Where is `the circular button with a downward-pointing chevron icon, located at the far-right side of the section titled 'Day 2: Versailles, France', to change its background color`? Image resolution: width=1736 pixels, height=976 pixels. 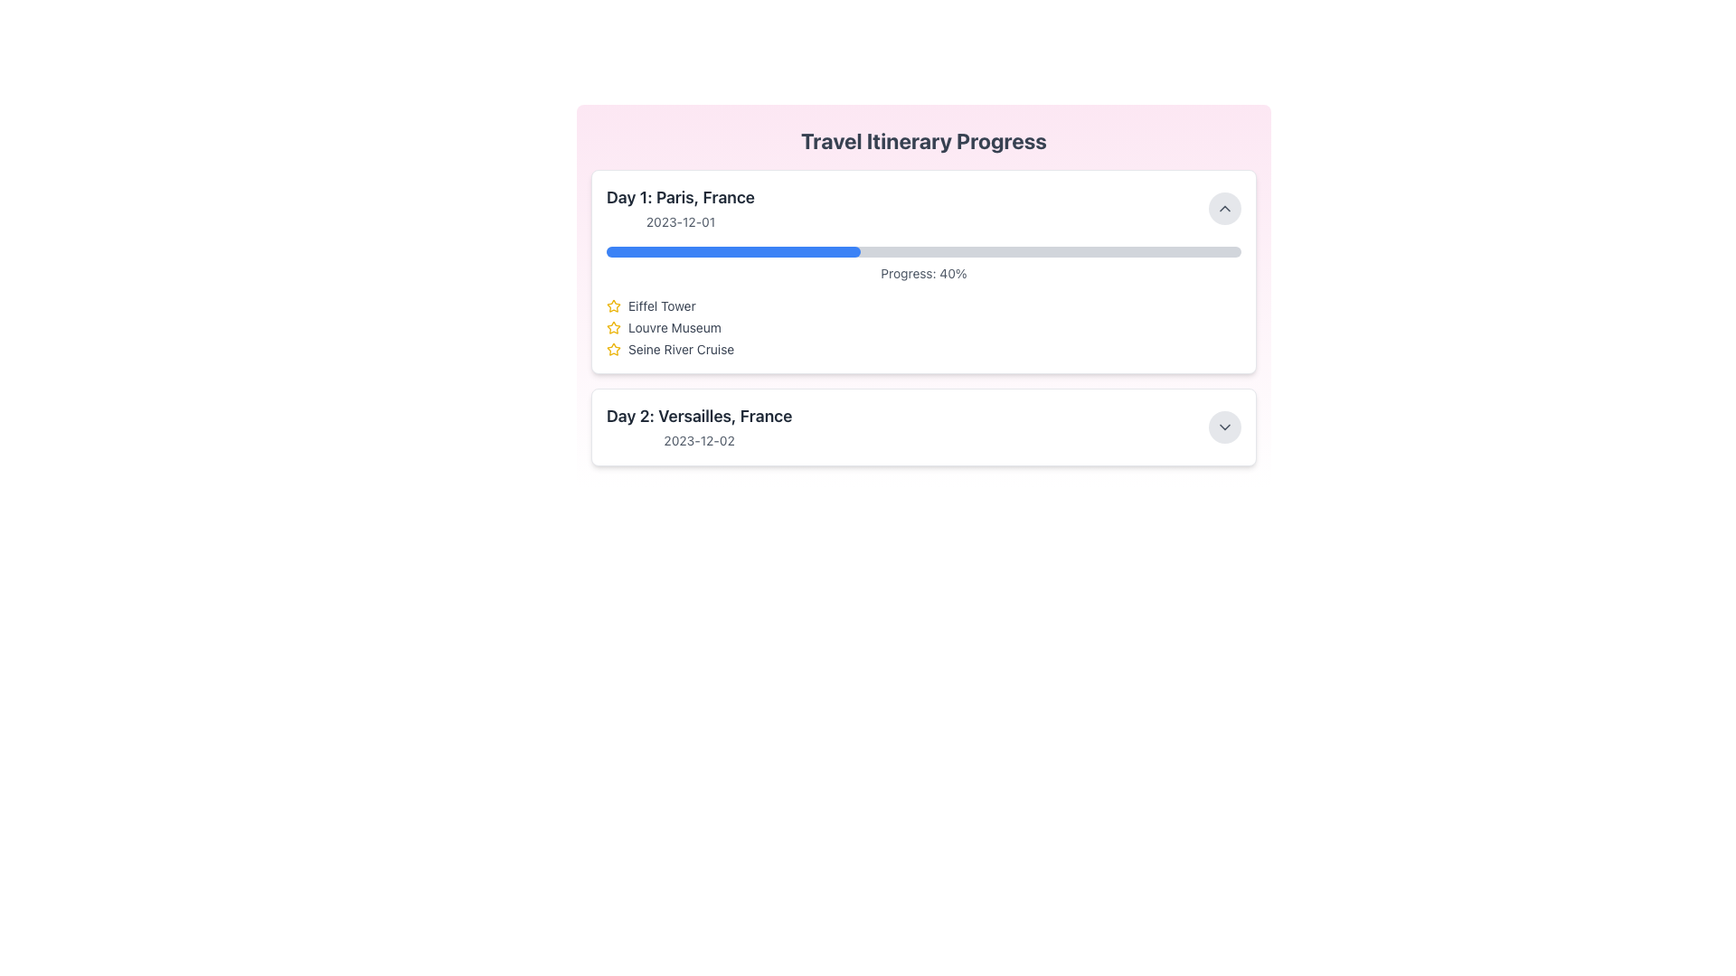 the circular button with a downward-pointing chevron icon, located at the far-right side of the section titled 'Day 2: Versailles, France', to change its background color is located at coordinates (1224, 427).